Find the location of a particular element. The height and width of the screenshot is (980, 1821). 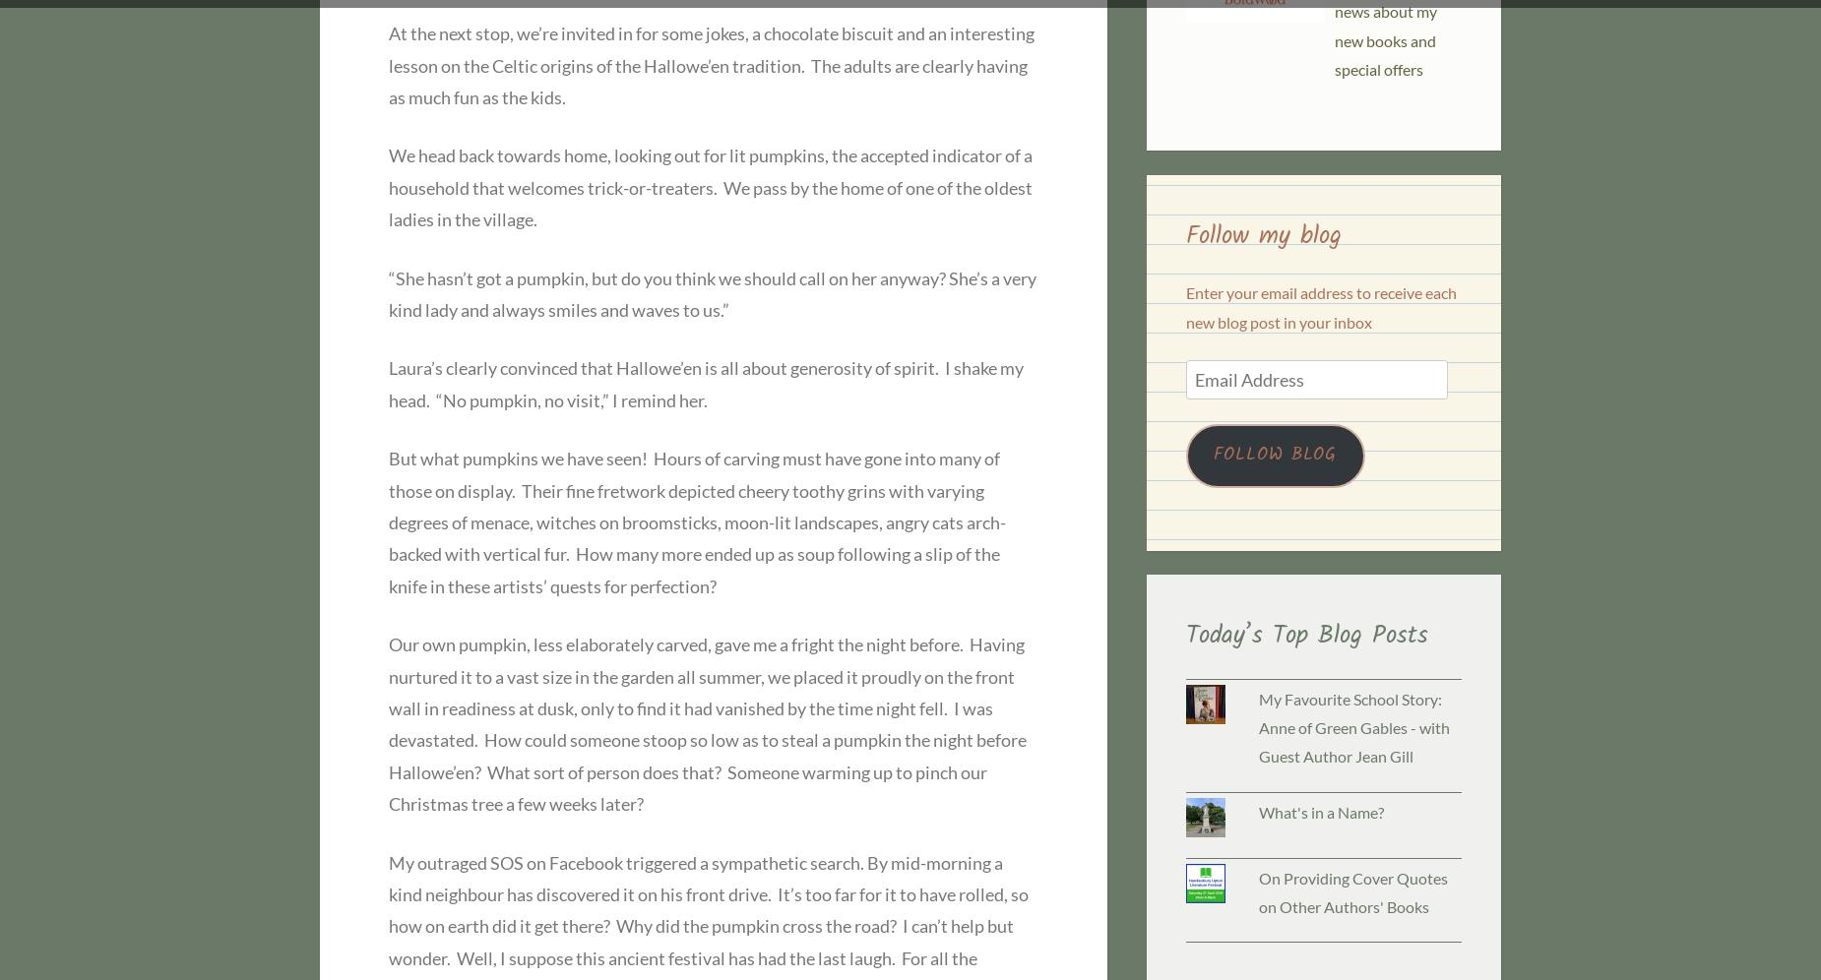

'At the next stop, we’re invited in for some jokes, a chocolate biscuit and an interesting lesson on the Celtic origins of the Hallowe’en tradition.  The adults are clearly having as much fun as the kids.' is located at coordinates (711, 64).